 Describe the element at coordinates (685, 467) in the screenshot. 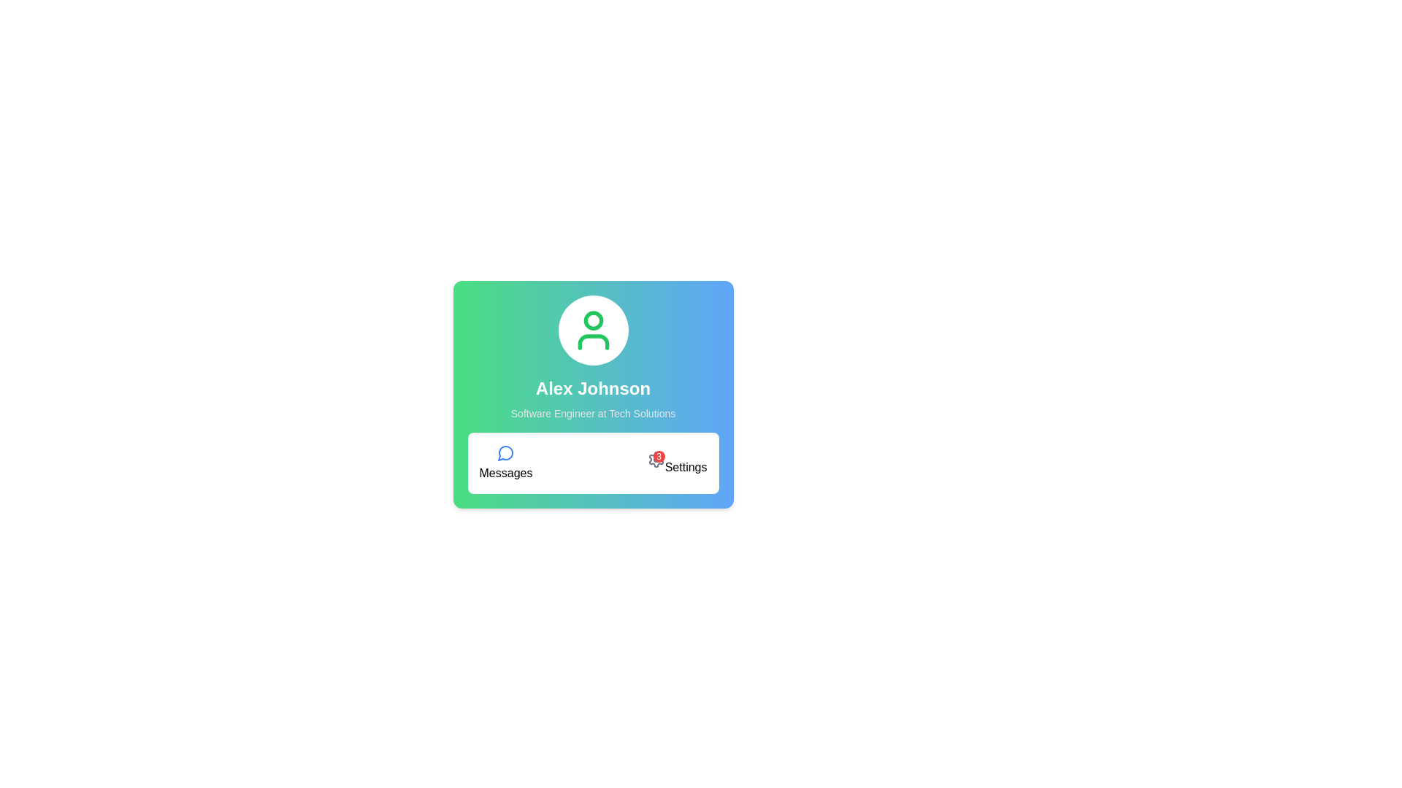

I see `the 'Settings' text label located below the cogwheel icon and above a numerical indicator, which is displayed in plain black font on a white background` at that location.